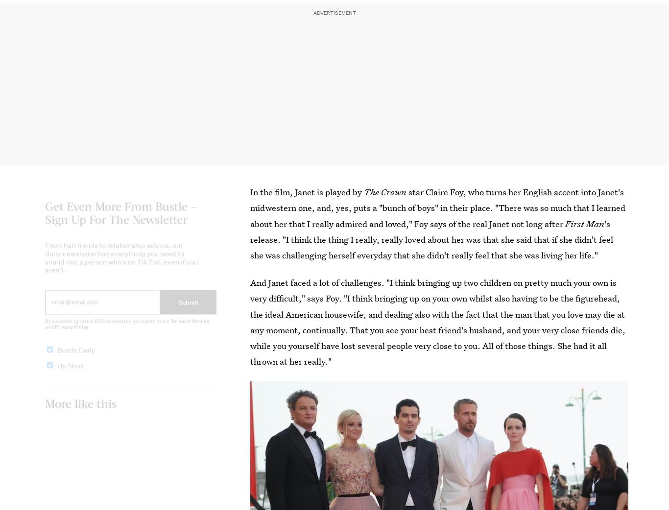  I want to click on 'star Claire Foy, who turns her English accent into Janet's midwestern one, and, yes, puts a "bunch of boys" in their place. "There was so much that I learned about her that I really admired and loved," Foy says of the real Janet not long after', so click(250, 207).